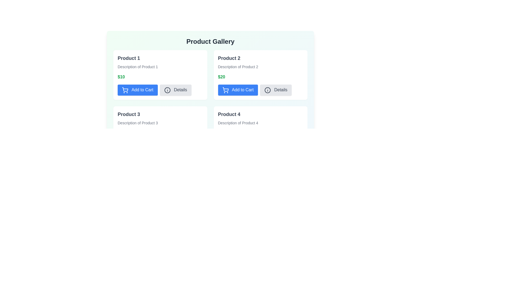 This screenshot has height=290, width=517. Describe the element at coordinates (267, 90) in the screenshot. I see `the circular graphical element that is part of the informational action button located next to the 'Add to Cart' button for 'Product 2'` at that location.